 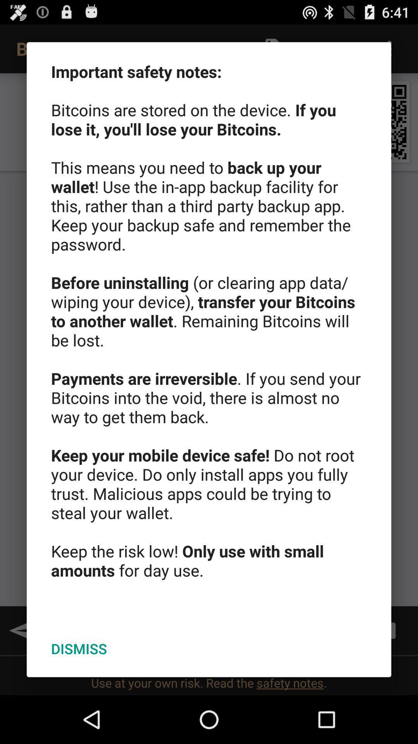 What do you see at coordinates (79, 649) in the screenshot?
I see `the dismiss` at bounding box center [79, 649].